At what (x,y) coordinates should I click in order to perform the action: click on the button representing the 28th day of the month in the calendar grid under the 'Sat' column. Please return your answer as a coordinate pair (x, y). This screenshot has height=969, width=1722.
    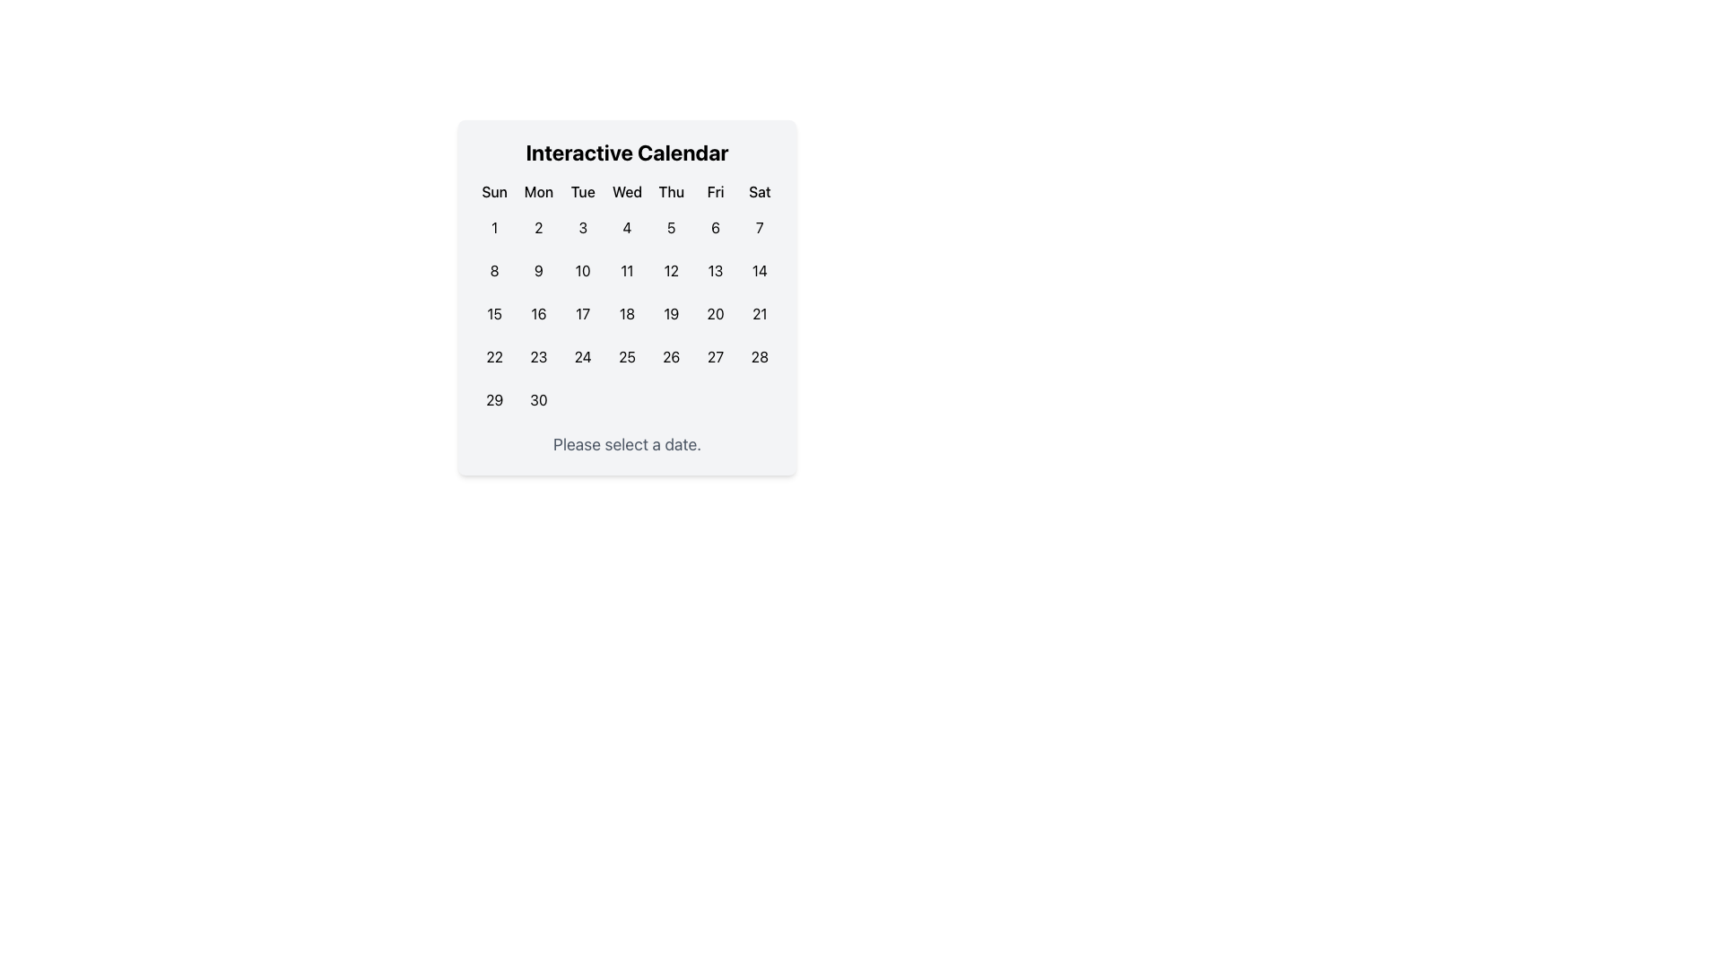
    Looking at the image, I should click on (760, 356).